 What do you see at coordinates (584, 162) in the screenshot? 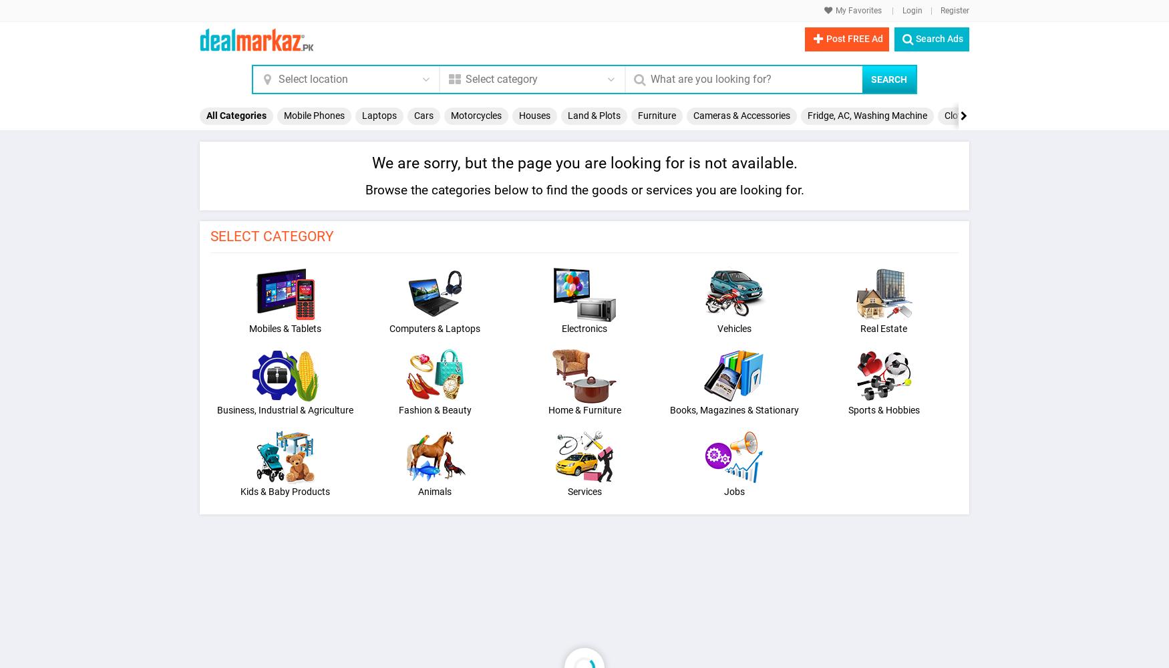
I see `'We are sorry, but the page you are looking for is not available.'` at bounding box center [584, 162].